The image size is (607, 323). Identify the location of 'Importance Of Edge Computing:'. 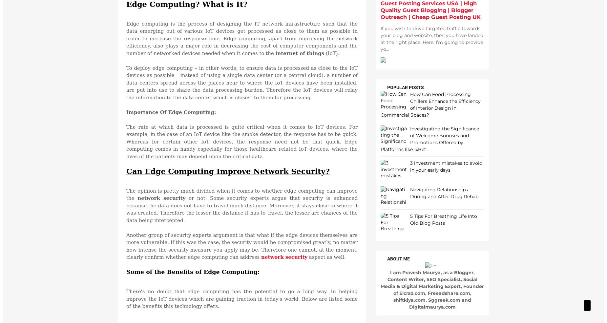
(126, 112).